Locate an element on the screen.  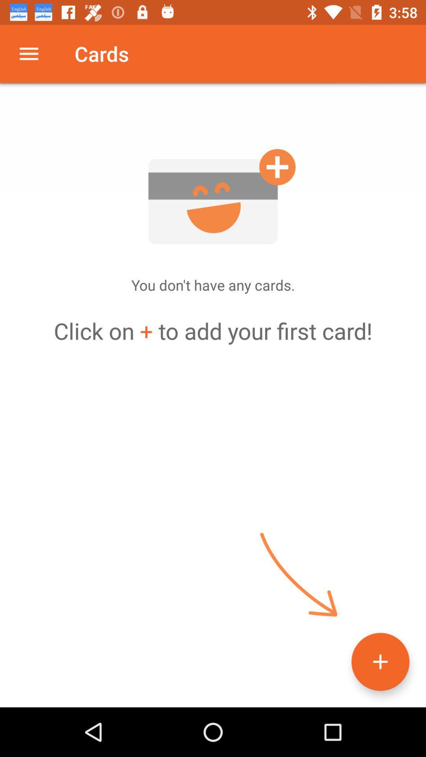
add card is located at coordinates (213, 196).